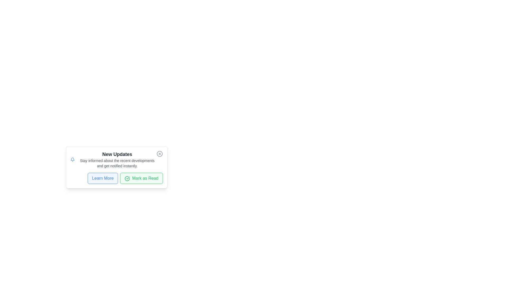 Image resolution: width=507 pixels, height=285 pixels. I want to click on the leftmost button located in the bottom section of the notification card, so click(103, 178).